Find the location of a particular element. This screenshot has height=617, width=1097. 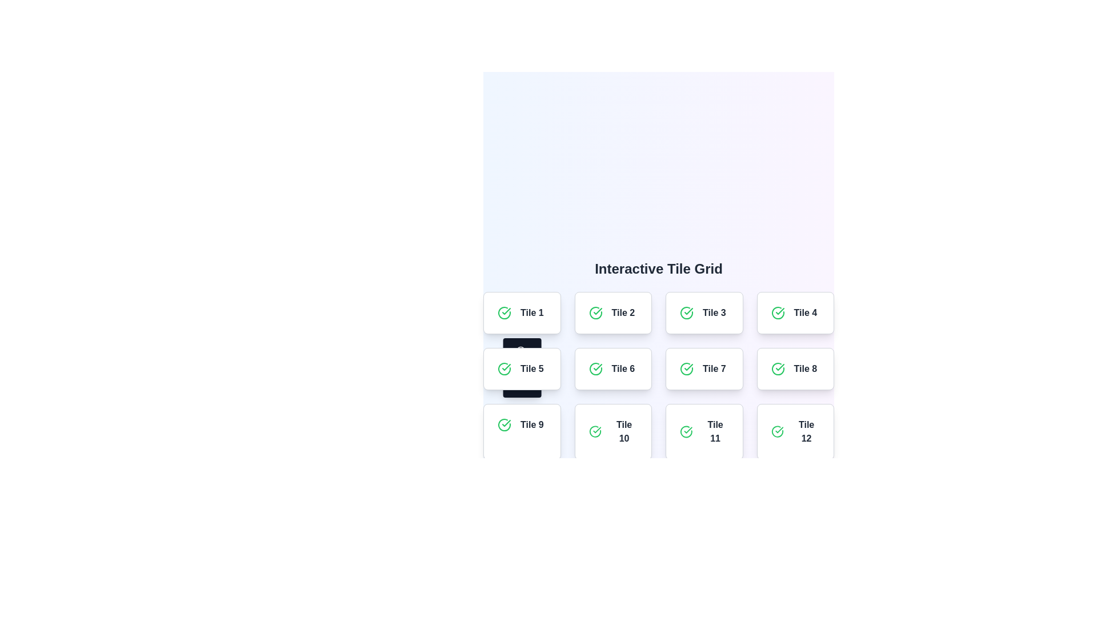

the grid tile labeled 'Tile 5' that features a green check icon, indicating its active state is located at coordinates (521, 368).